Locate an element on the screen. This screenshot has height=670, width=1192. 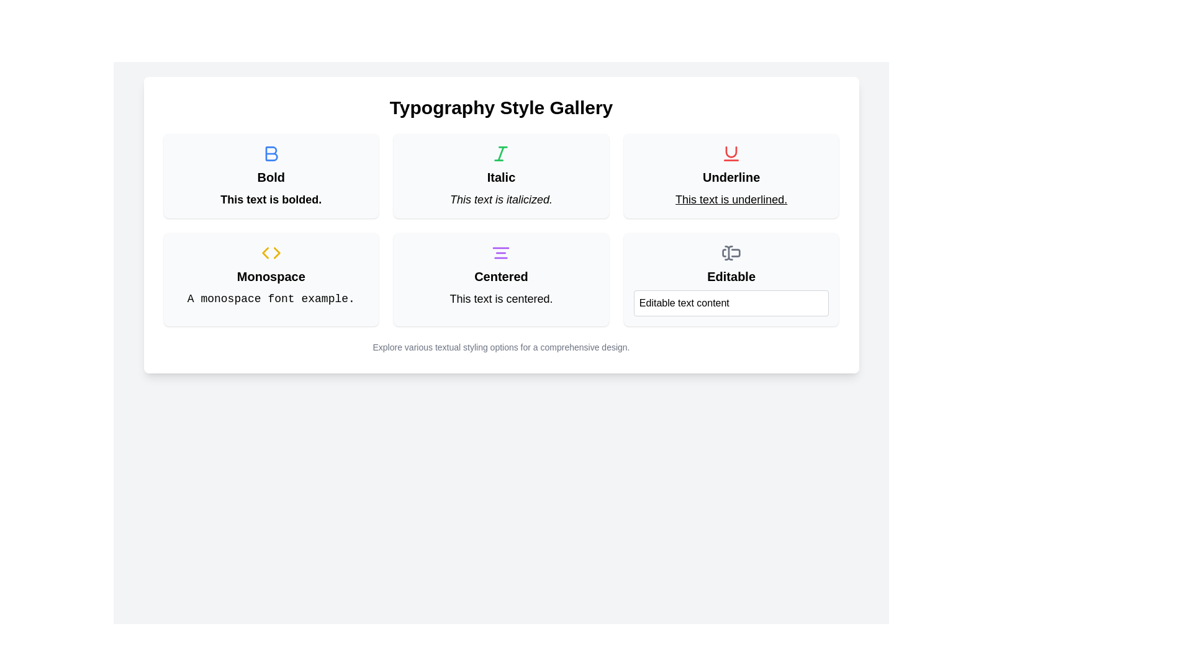
the icon that signifies code or programming-related concepts, located at the center of the 'Monospace' card in the bottom row of the Typography Style Gallery grid is located at coordinates (270, 252).